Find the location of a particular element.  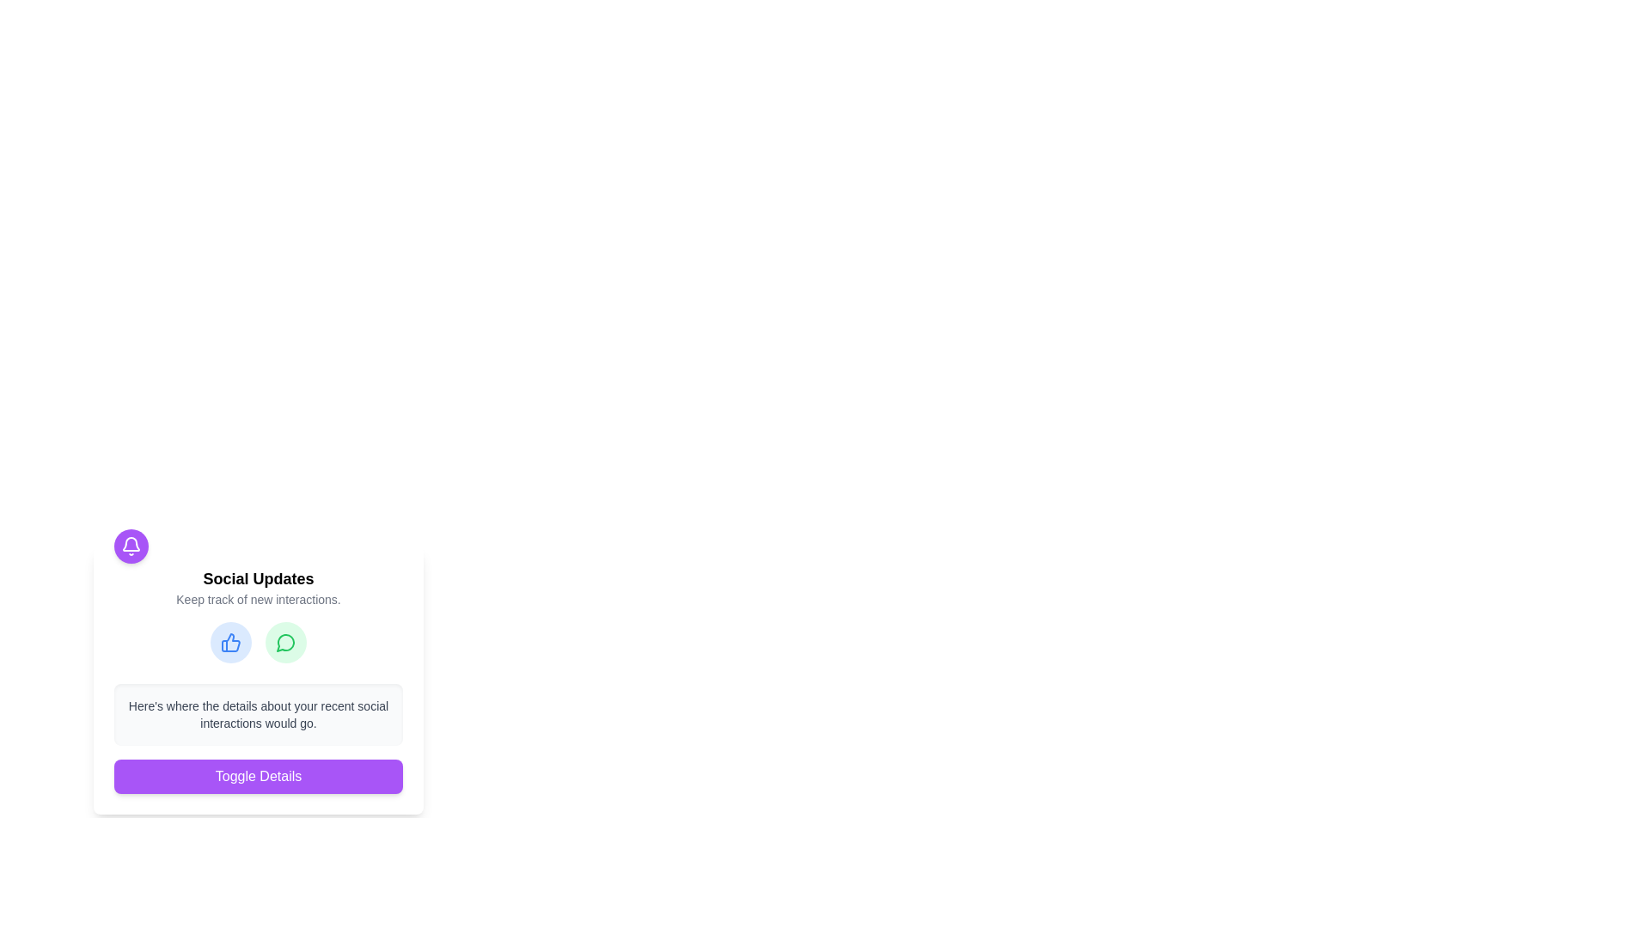

the bold text label reading 'Social Updates' at the top of the updates section is located at coordinates (258, 579).